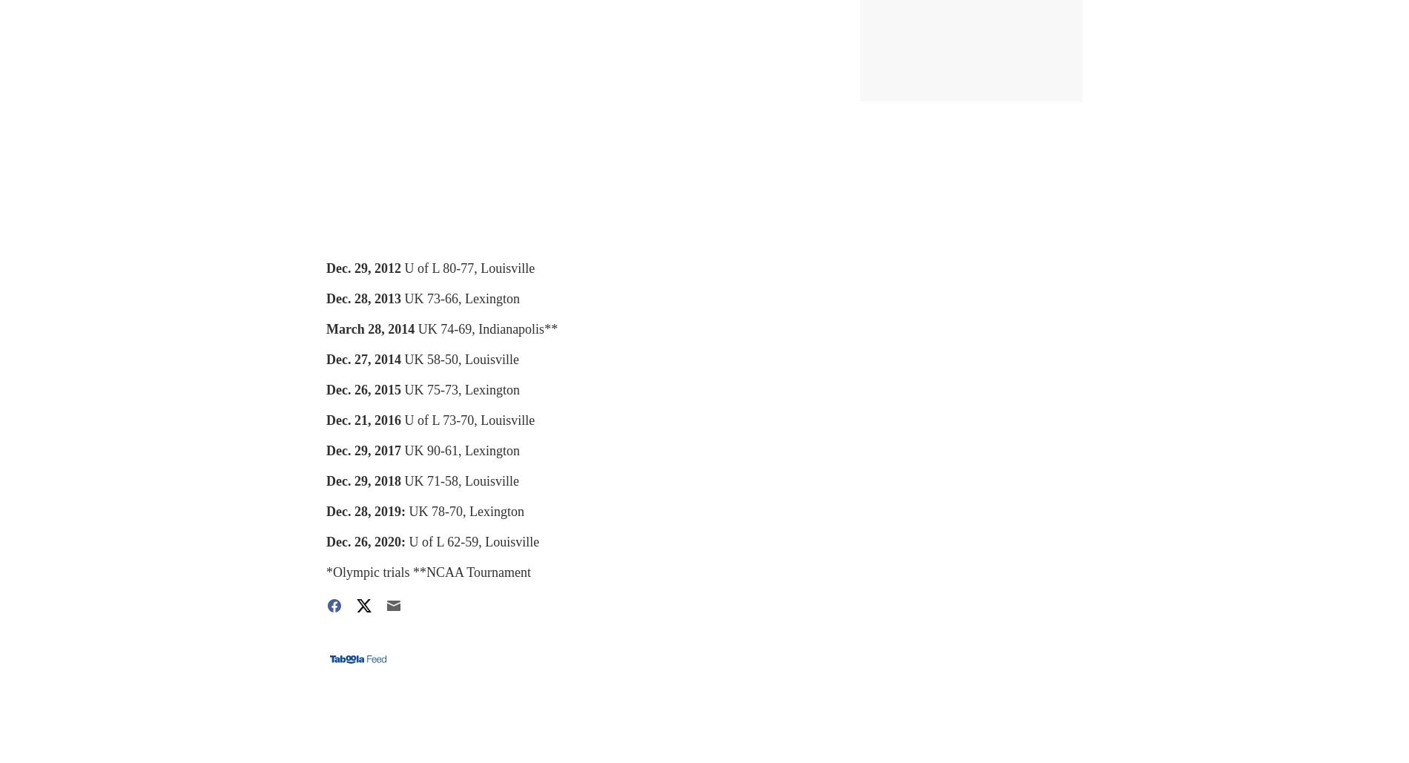 The width and height of the screenshot is (1409, 763). Describe the element at coordinates (466, 511) in the screenshot. I see `'UK 78-70, Lexington'` at that location.